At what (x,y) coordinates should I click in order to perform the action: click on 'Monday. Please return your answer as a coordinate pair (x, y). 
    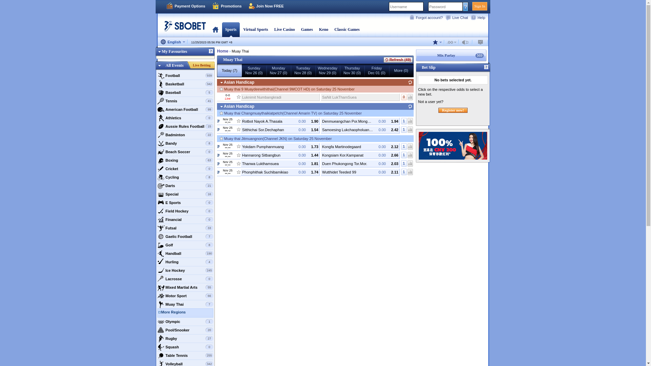
    Looking at the image, I should click on (266, 70).